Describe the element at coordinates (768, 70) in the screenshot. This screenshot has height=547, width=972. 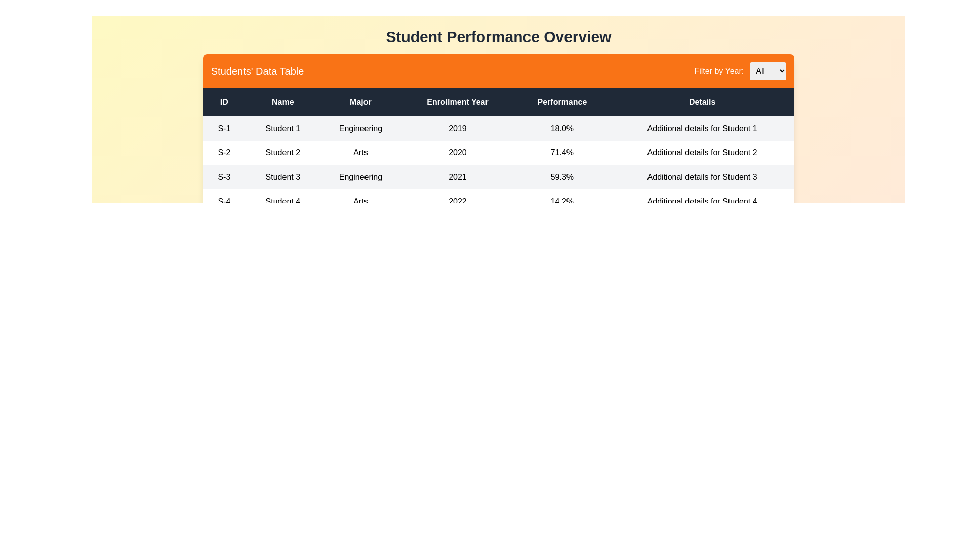
I see `the year 2022 from the dropdown to filter the table` at that location.